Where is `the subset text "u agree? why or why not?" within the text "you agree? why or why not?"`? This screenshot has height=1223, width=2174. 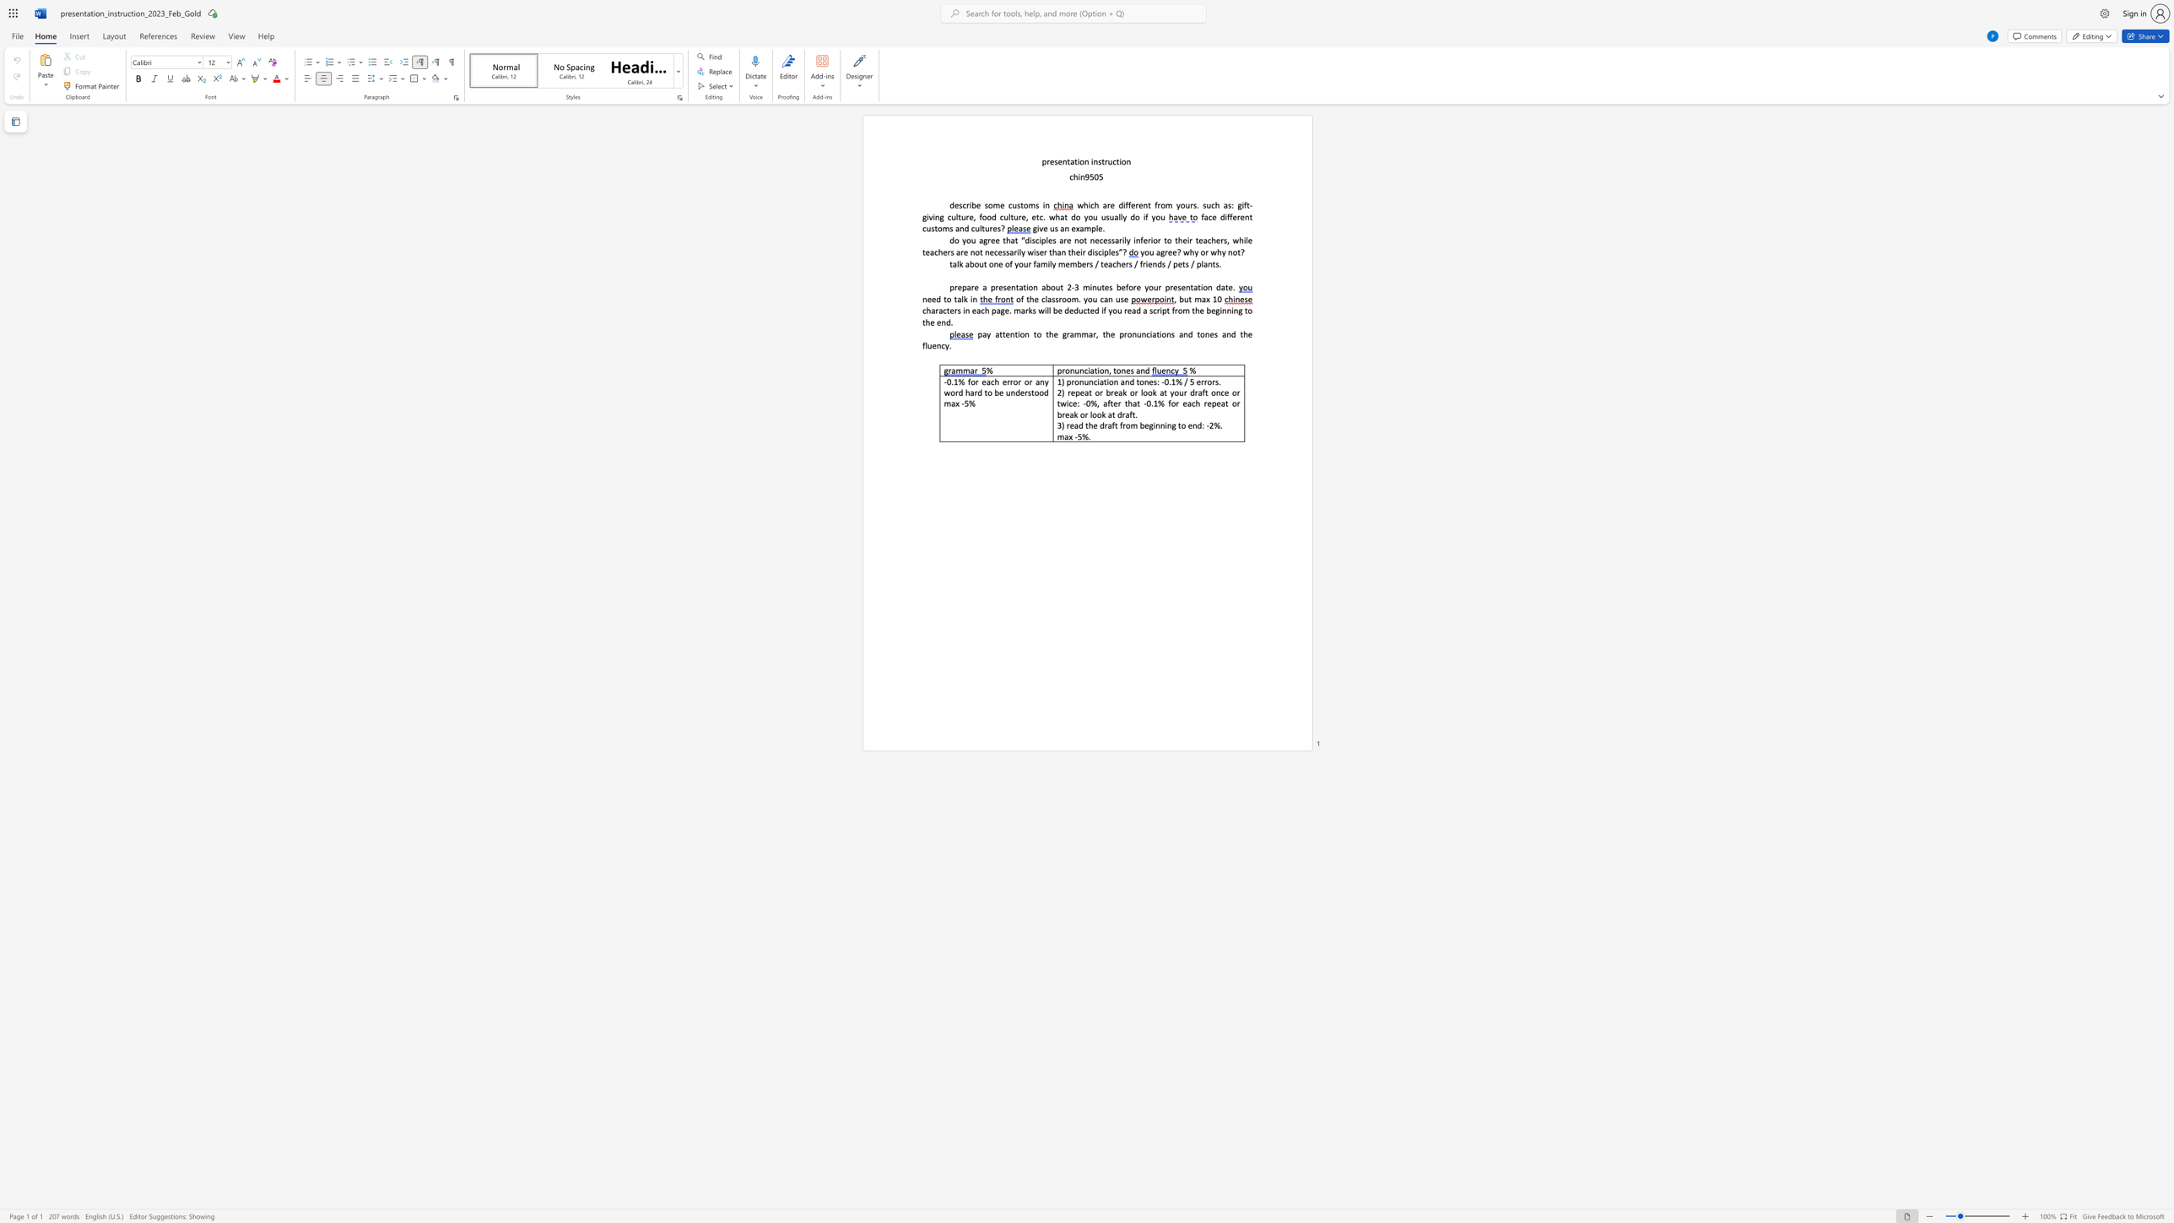 the subset text "u agree? why or why not?" within the text "you agree? why or why not?" is located at coordinates (1149, 252).